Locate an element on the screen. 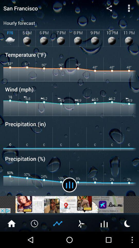  share weather details is located at coordinates (58, 223).